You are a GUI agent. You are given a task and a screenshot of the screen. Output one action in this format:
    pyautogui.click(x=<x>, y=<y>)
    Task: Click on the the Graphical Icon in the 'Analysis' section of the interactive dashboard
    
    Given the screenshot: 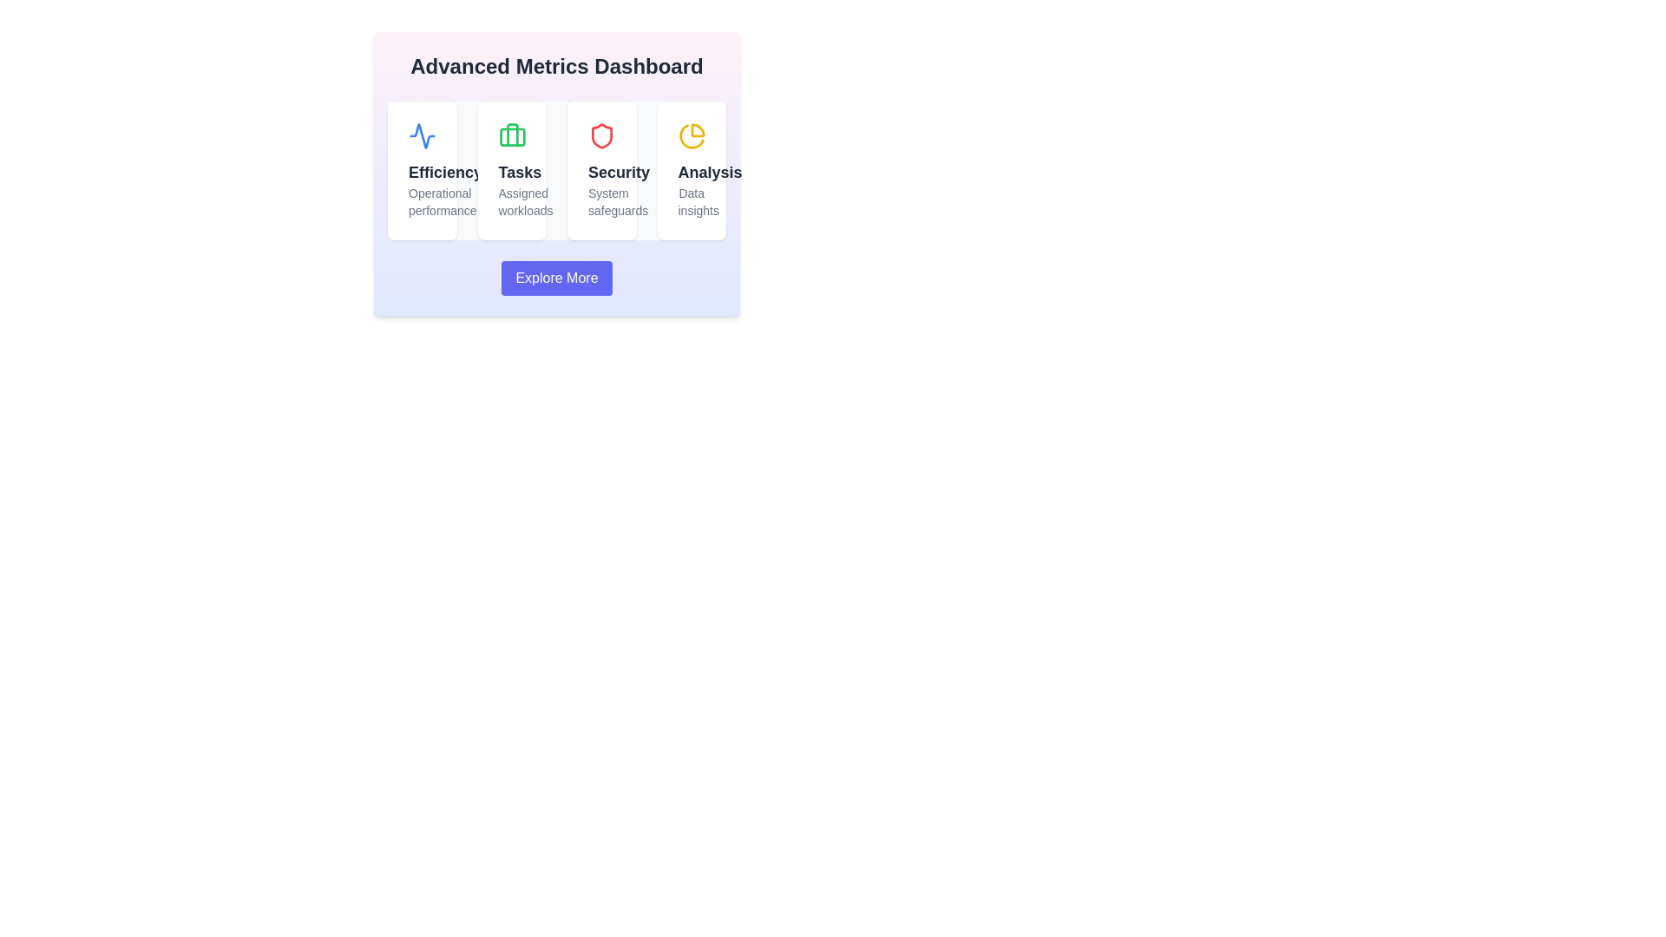 What is the action you would take?
    pyautogui.click(x=698, y=129)
    